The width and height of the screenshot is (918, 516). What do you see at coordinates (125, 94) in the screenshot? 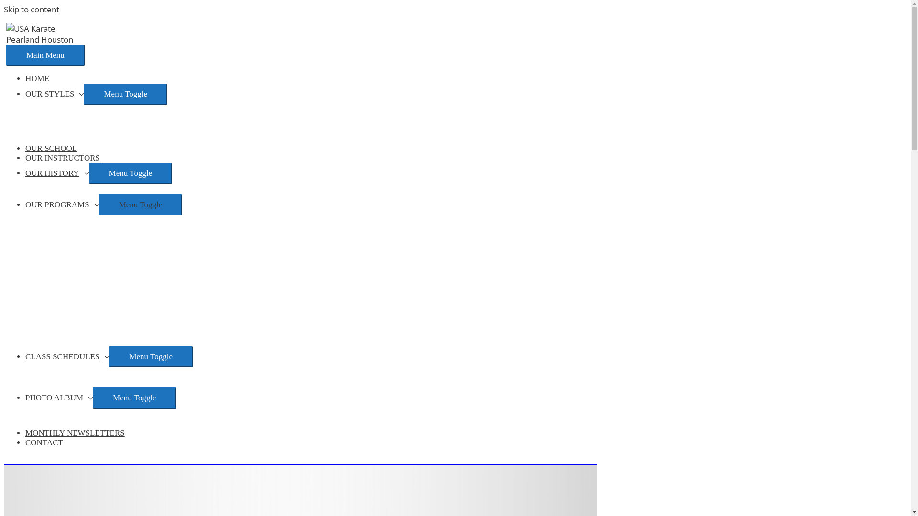
I see `'Menu Toggle'` at bounding box center [125, 94].